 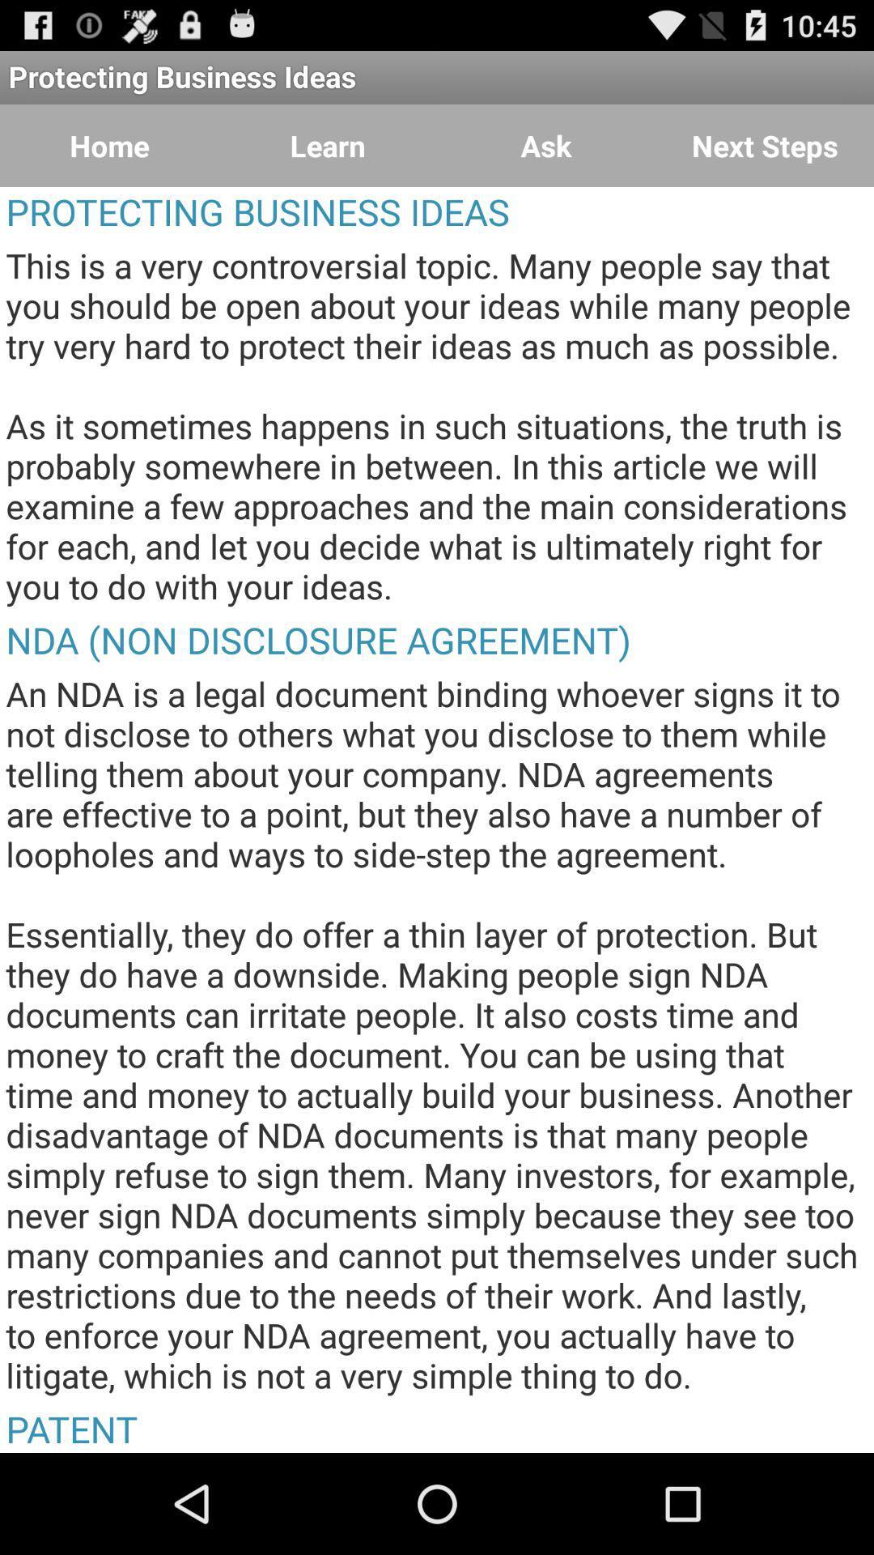 I want to click on item below protecting business ideas app, so click(x=328, y=146).